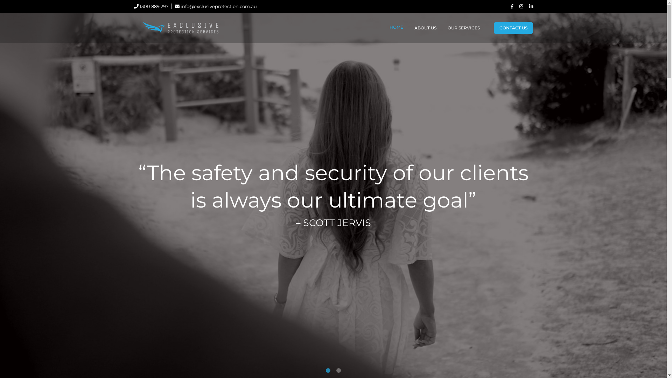 This screenshot has height=378, width=672. What do you see at coordinates (328, 370) in the screenshot?
I see `'1'` at bounding box center [328, 370].